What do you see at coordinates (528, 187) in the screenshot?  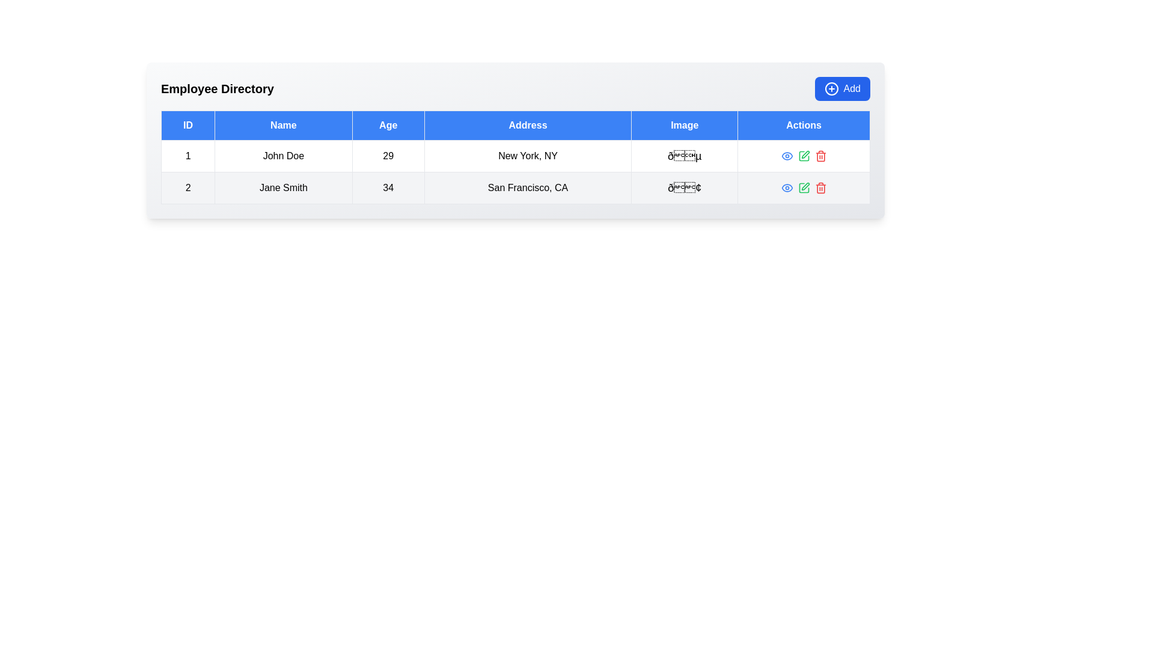 I see `the static textual data cell displaying 'San Francisco, CA' located in the fourth column of the second row under the 'Address' heading` at bounding box center [528, 187].